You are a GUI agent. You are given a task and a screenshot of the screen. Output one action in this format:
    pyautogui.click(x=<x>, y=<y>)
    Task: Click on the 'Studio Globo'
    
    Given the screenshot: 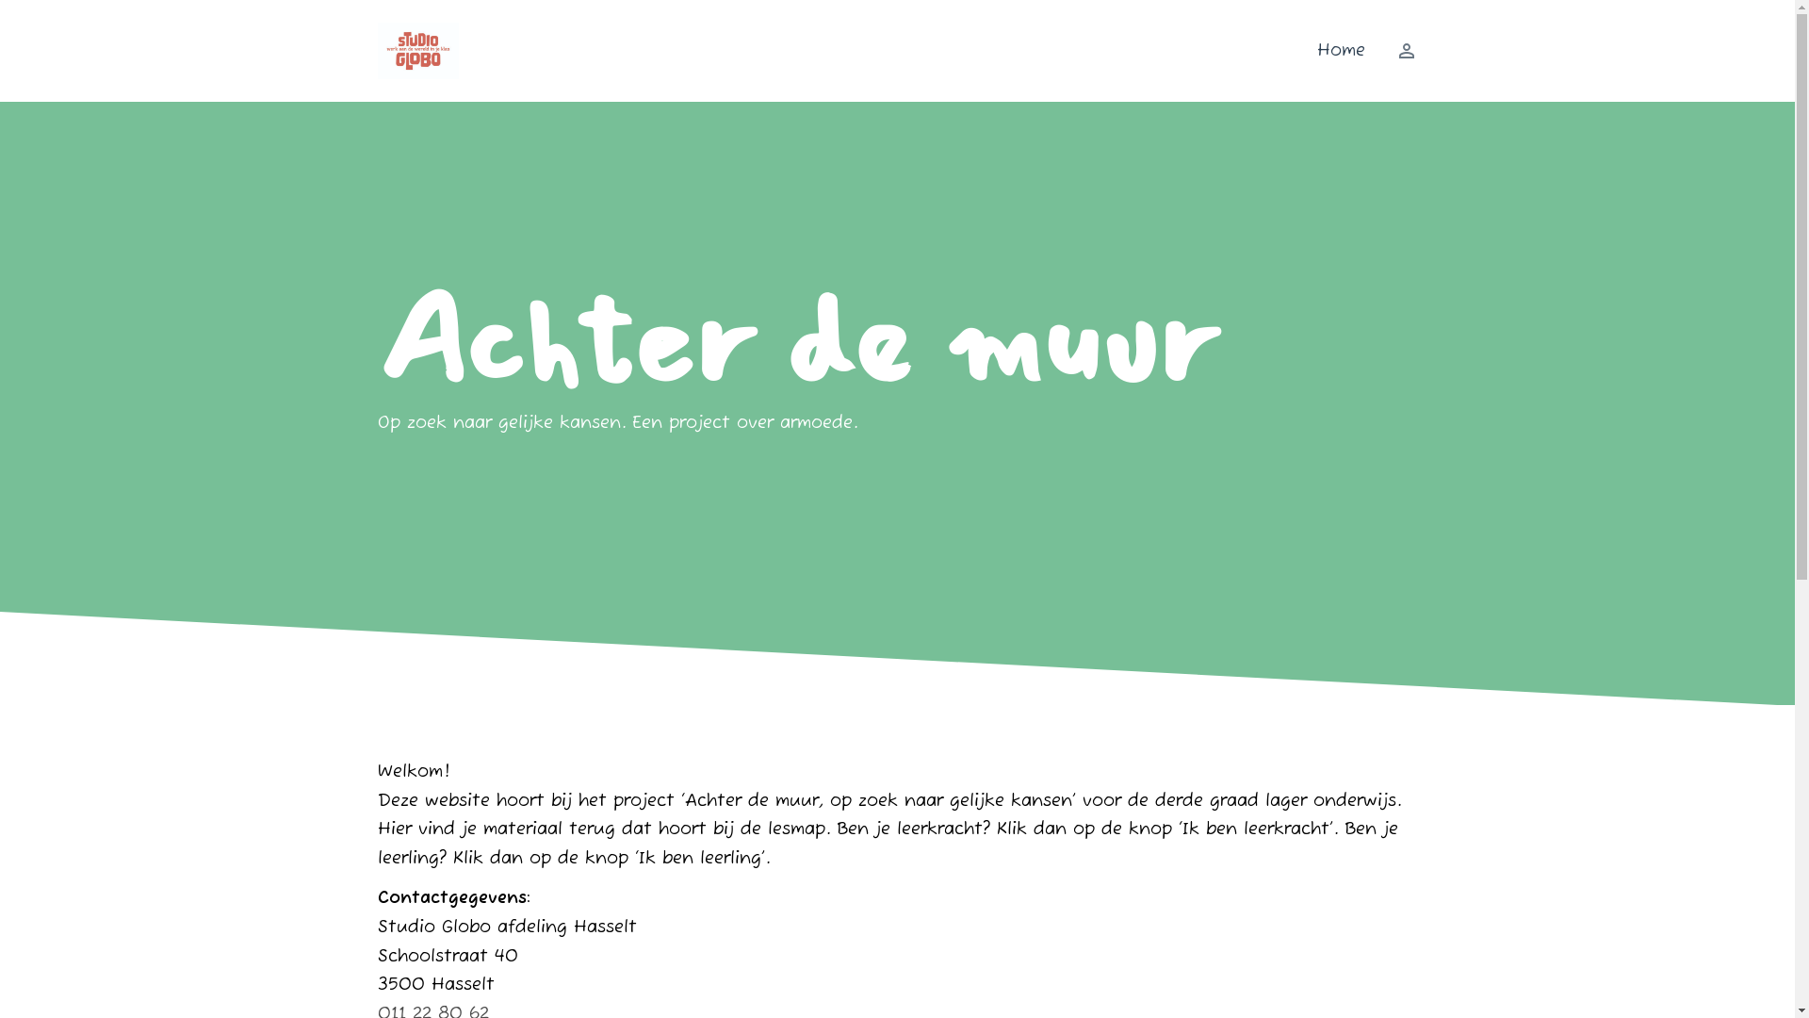 What is the action you would take?
    pyautogui.click(x=416, y=50)
    